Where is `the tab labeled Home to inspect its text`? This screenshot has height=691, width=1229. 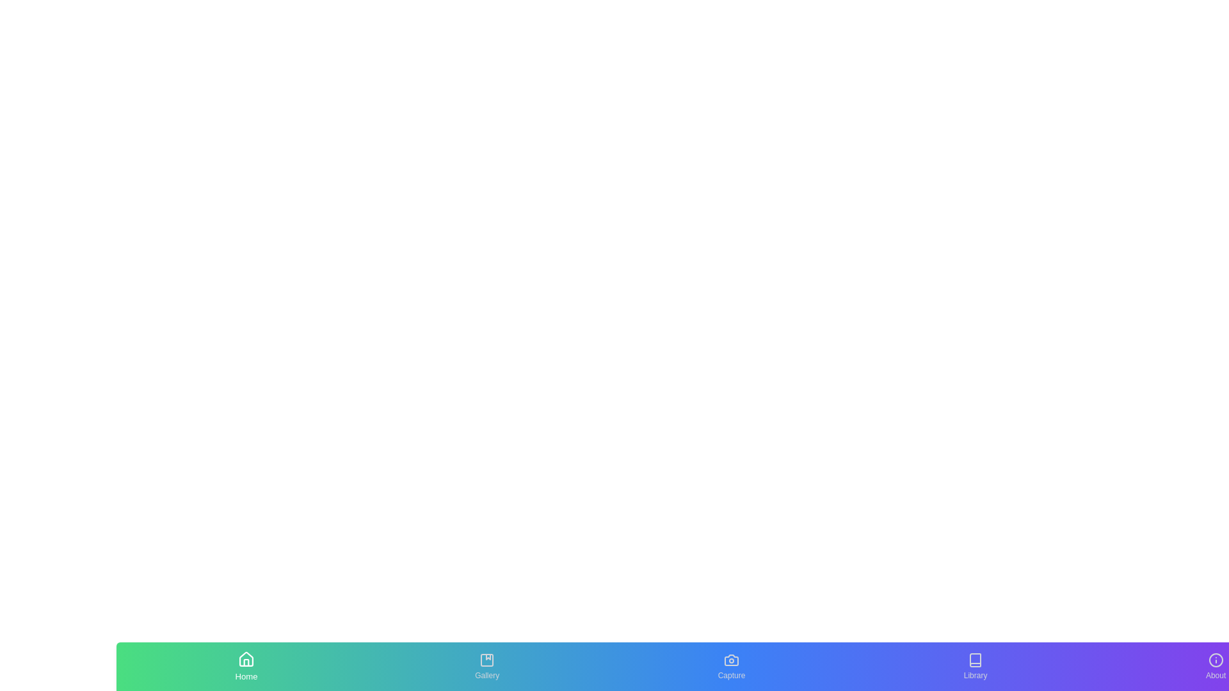 the tab labeled Home to inspect its text is located at coordinates (246, 665).